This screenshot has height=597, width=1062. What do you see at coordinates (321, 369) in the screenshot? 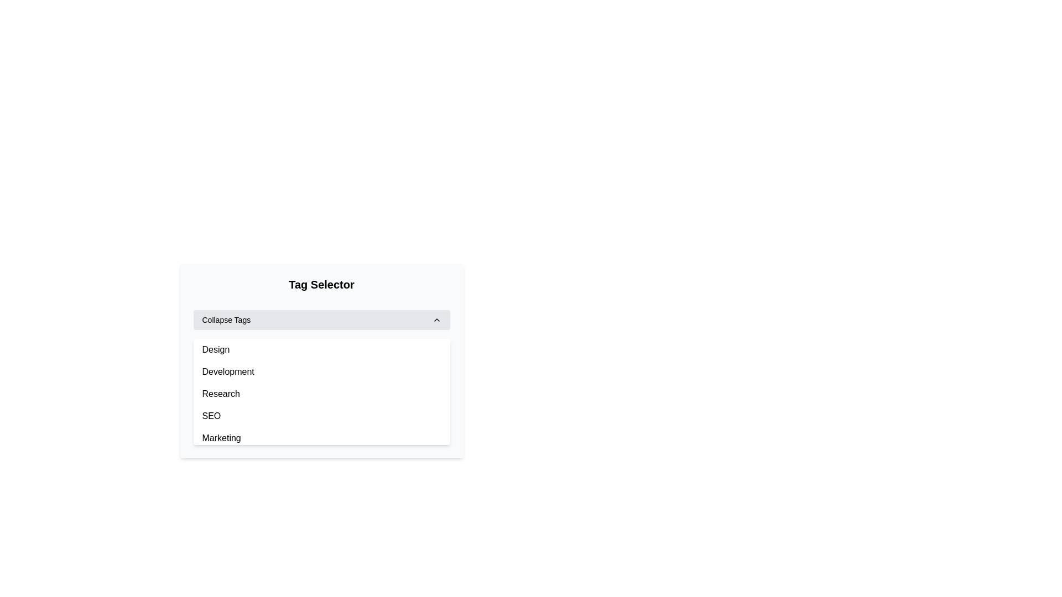
I see `the second item labeled 'Development' in the dropdown under the 'Collapse Tags' section` at bounding box center [321, 369].